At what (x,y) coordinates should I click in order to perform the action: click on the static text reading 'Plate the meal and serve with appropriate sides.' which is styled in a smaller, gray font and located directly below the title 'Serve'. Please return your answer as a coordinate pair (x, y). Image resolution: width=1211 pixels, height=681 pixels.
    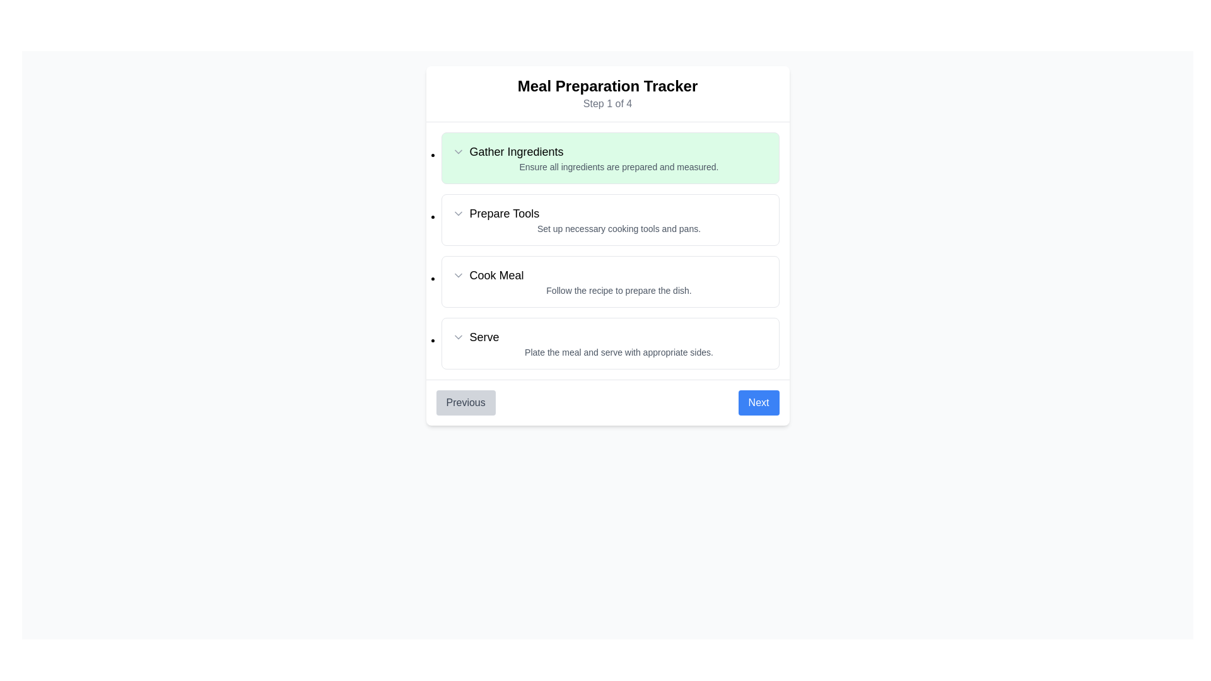
    Looking at the image, I should click on (619, 352).